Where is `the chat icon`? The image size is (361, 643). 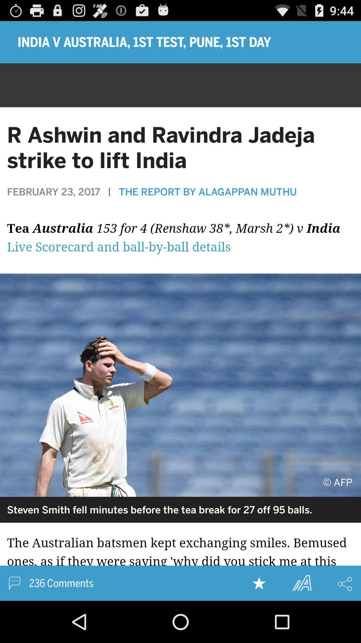 the chat icon is located at coordinates (14, 624).